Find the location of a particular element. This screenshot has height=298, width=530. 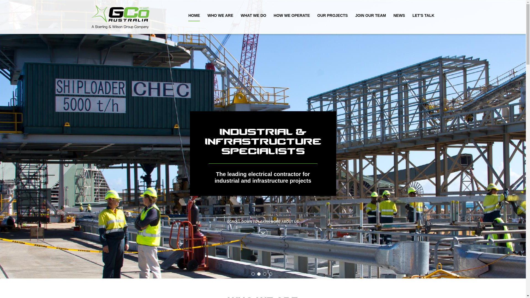

'JOIN OUR TEAM' is located at coordinates (370, 15).